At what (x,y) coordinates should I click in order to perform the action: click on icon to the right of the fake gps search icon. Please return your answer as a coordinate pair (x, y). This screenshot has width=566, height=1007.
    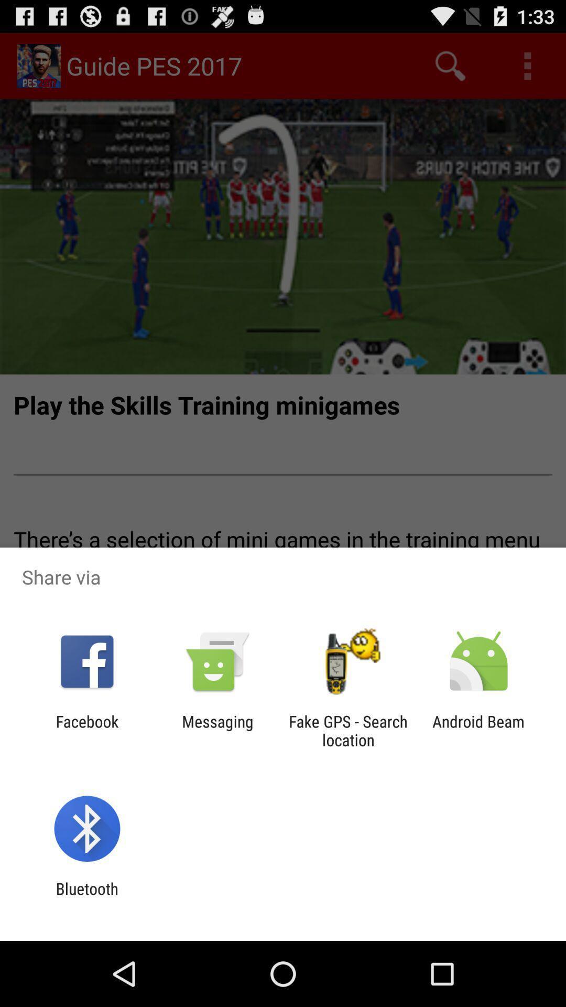
    Looking at the image, I should click on (478, 730).